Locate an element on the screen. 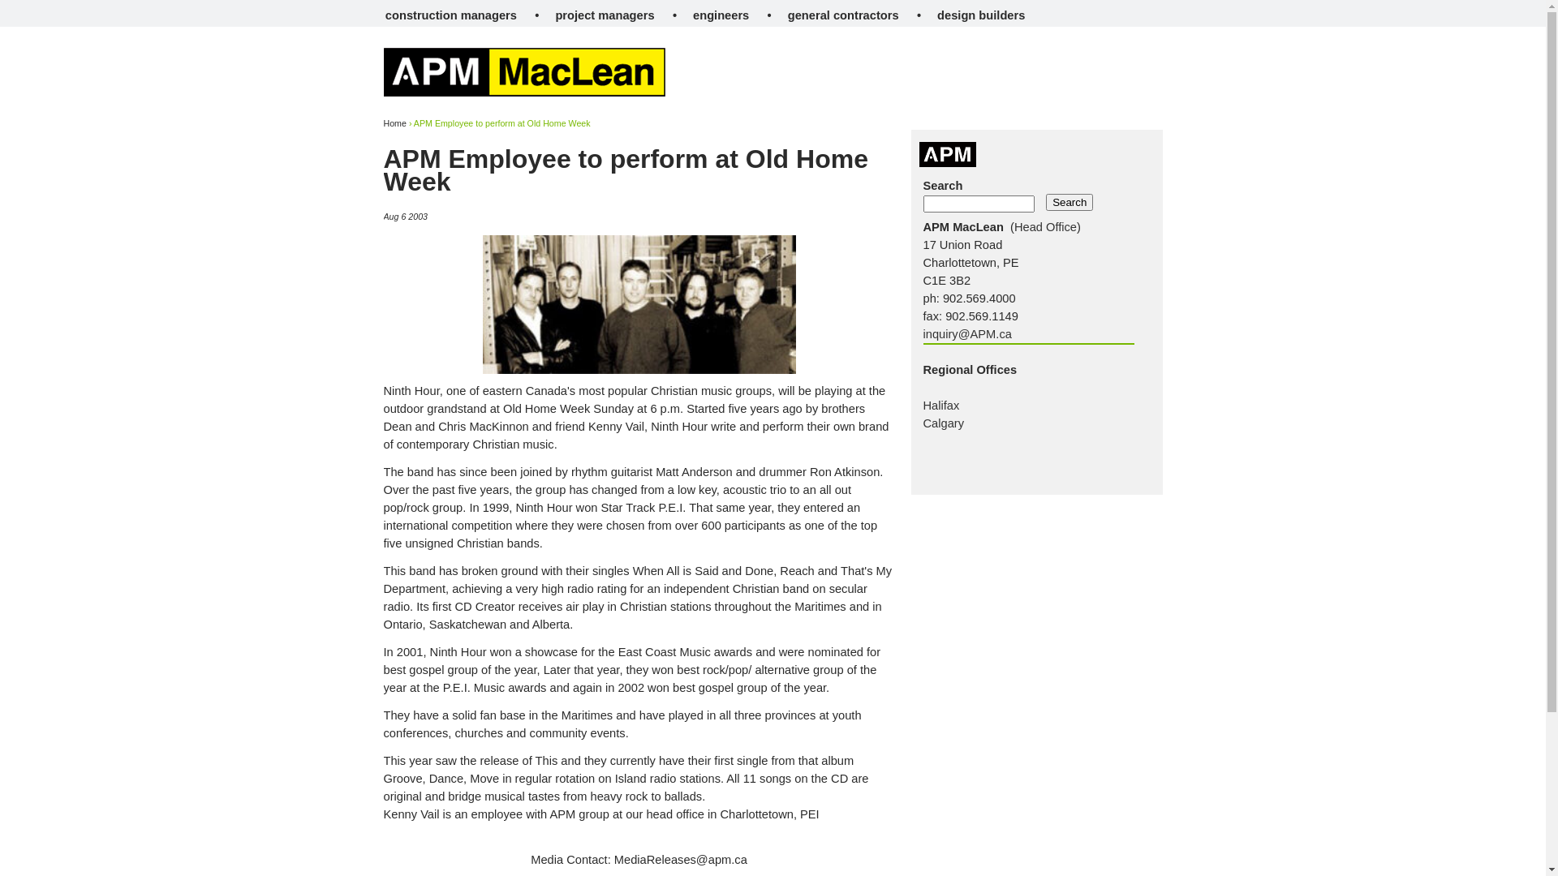 The image size is (1558, 876). 'MediaReleases@apm.ca' is located at coordinates (681, 859).